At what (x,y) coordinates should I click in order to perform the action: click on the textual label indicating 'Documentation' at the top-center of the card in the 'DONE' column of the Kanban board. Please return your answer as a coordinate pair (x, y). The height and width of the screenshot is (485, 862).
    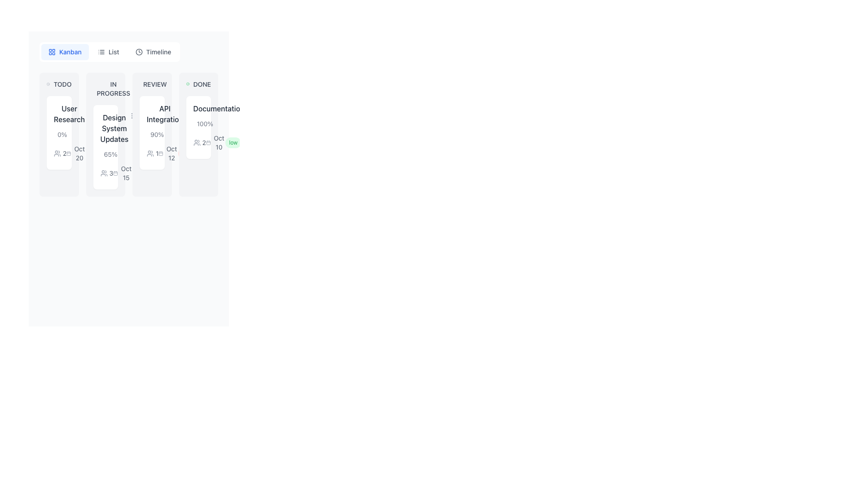
    Looking at the image, I should click on (198, 108).